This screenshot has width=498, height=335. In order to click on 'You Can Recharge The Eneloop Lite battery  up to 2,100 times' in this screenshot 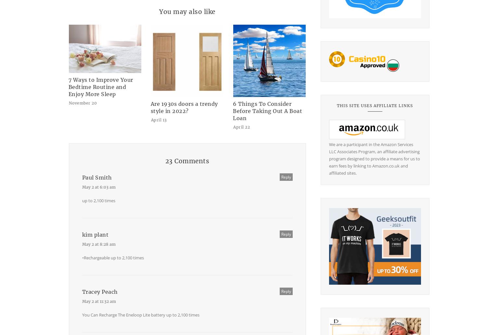, I will do `click(140, 314)`.